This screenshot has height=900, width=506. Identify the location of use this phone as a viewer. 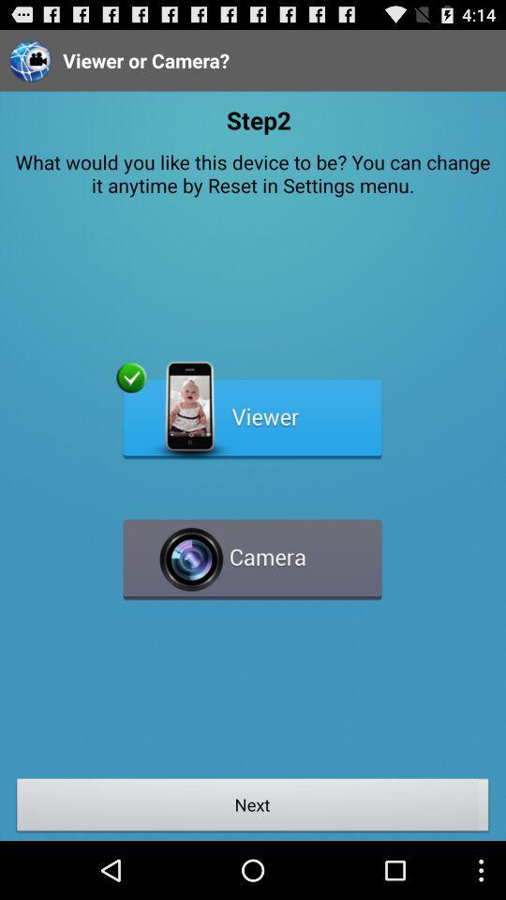
(252, 411).